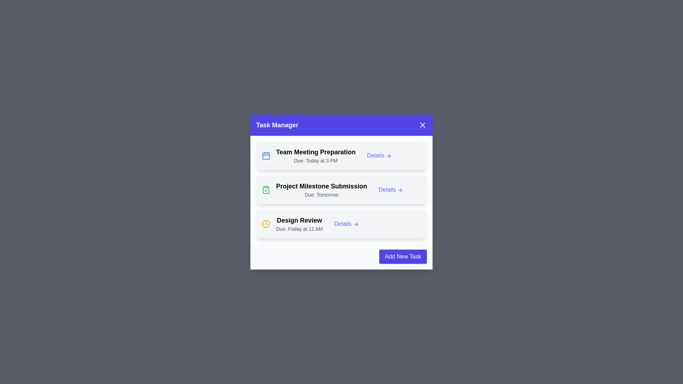 This screenshot has height=384, width=683. Describe the element at coordinates (315, 155) in the screenshot. I see `text displayed in the 'Task Manager' interface, specifically the bold heading 'Team Meeting Preparation' and the subtext 'Due: Today at 3 PM'` at that location.